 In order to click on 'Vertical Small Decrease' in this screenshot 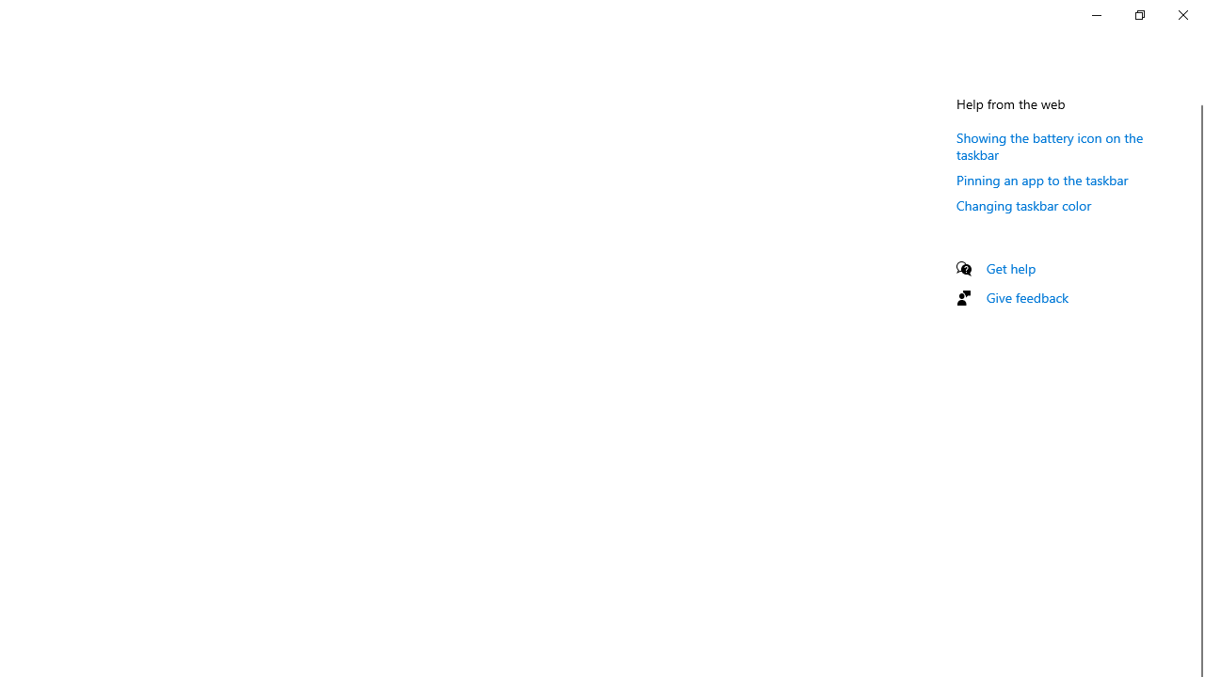, I will do `click(1197, 98)`.